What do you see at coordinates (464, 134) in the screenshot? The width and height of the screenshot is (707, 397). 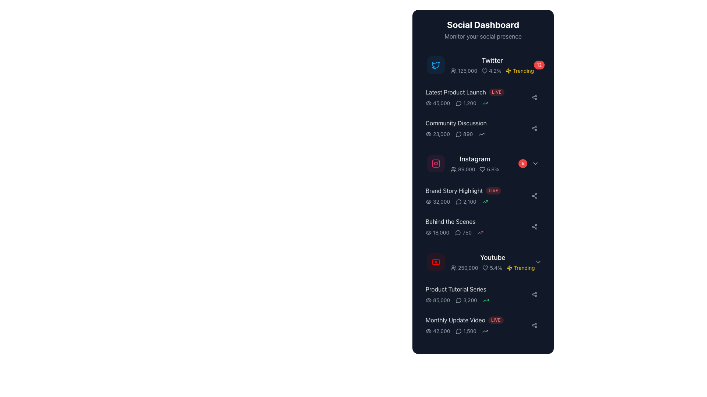 I see `the text label displaying the count of comments next to the 'Community Discussion' entry` at bounding box center [464, 134].